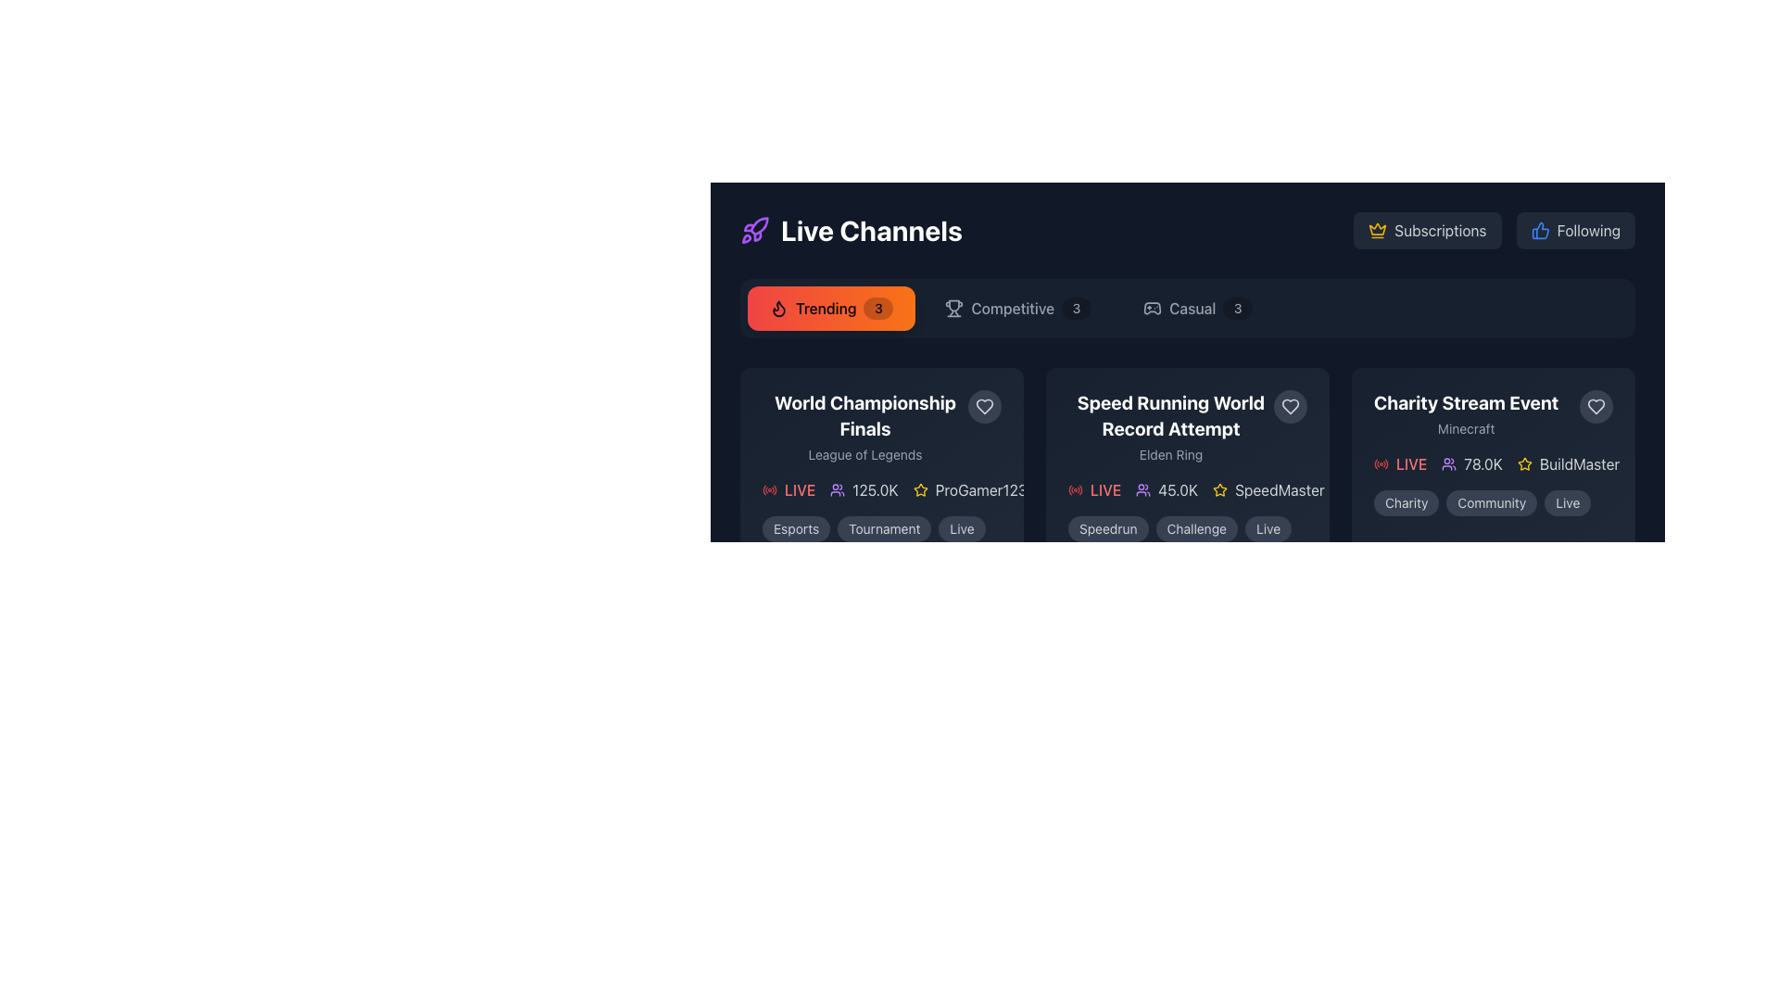 The height and width of the screenshot is (1001, 1779). I want to click on the heart icon located at the top-right corner of the 'Speed Running World Record Attempt' channel card, so click(983, 406).